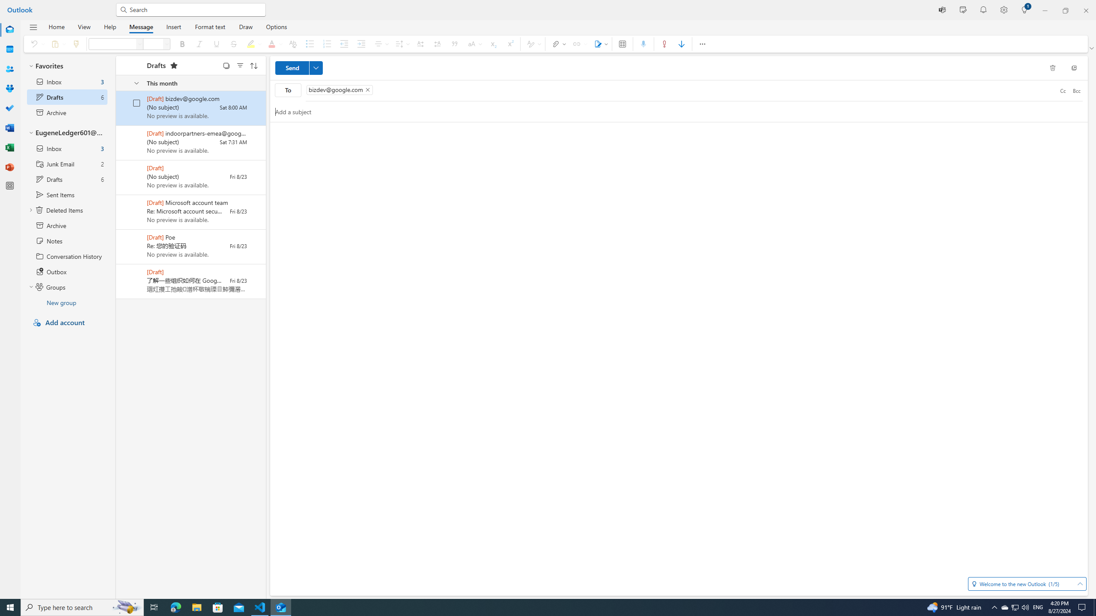 This screenshot has height=616, width=1096. What do you see at coordinates (401, 44) in the screenshot?
I see `'Spacing'` at bounding box center [401, 44].